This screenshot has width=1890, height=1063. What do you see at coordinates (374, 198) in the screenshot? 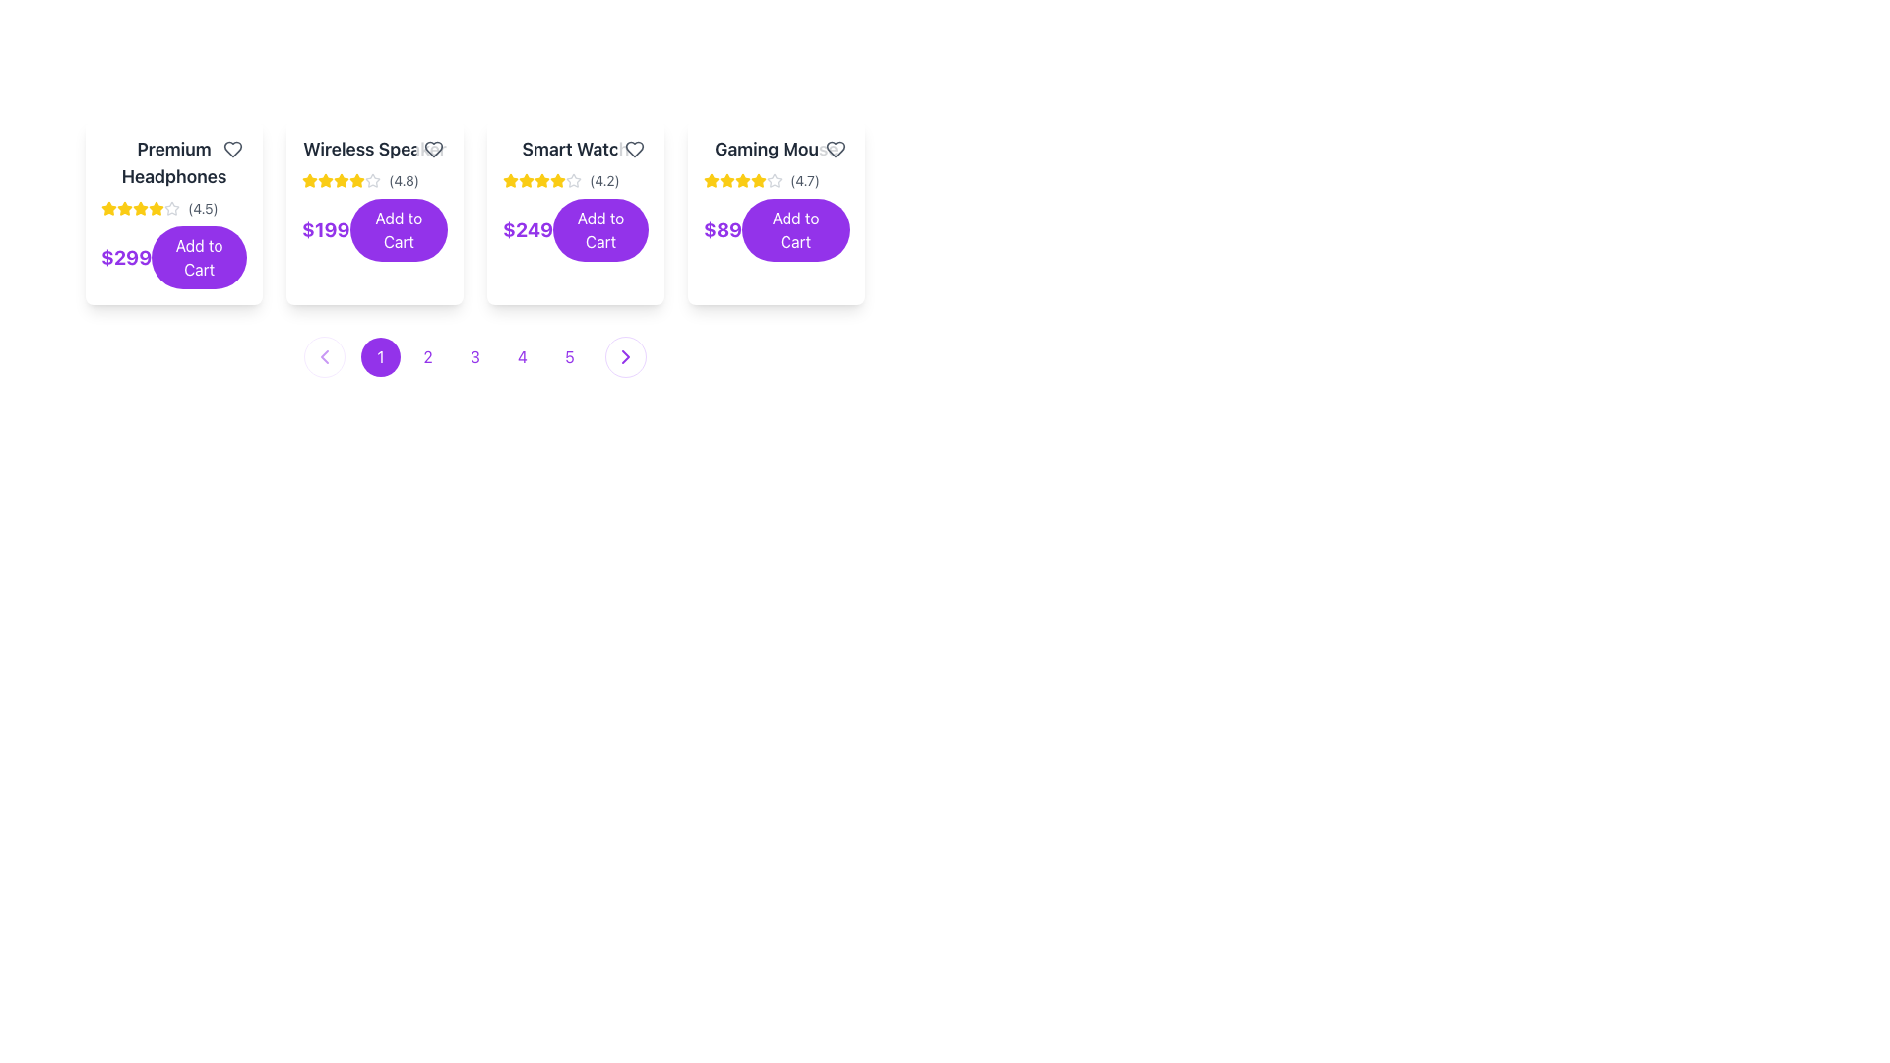
I see `the 'Add to Cart' button with a rounded shape and a purple background located at the bottom center of the second card in the list` at bounding box center [374, 198].